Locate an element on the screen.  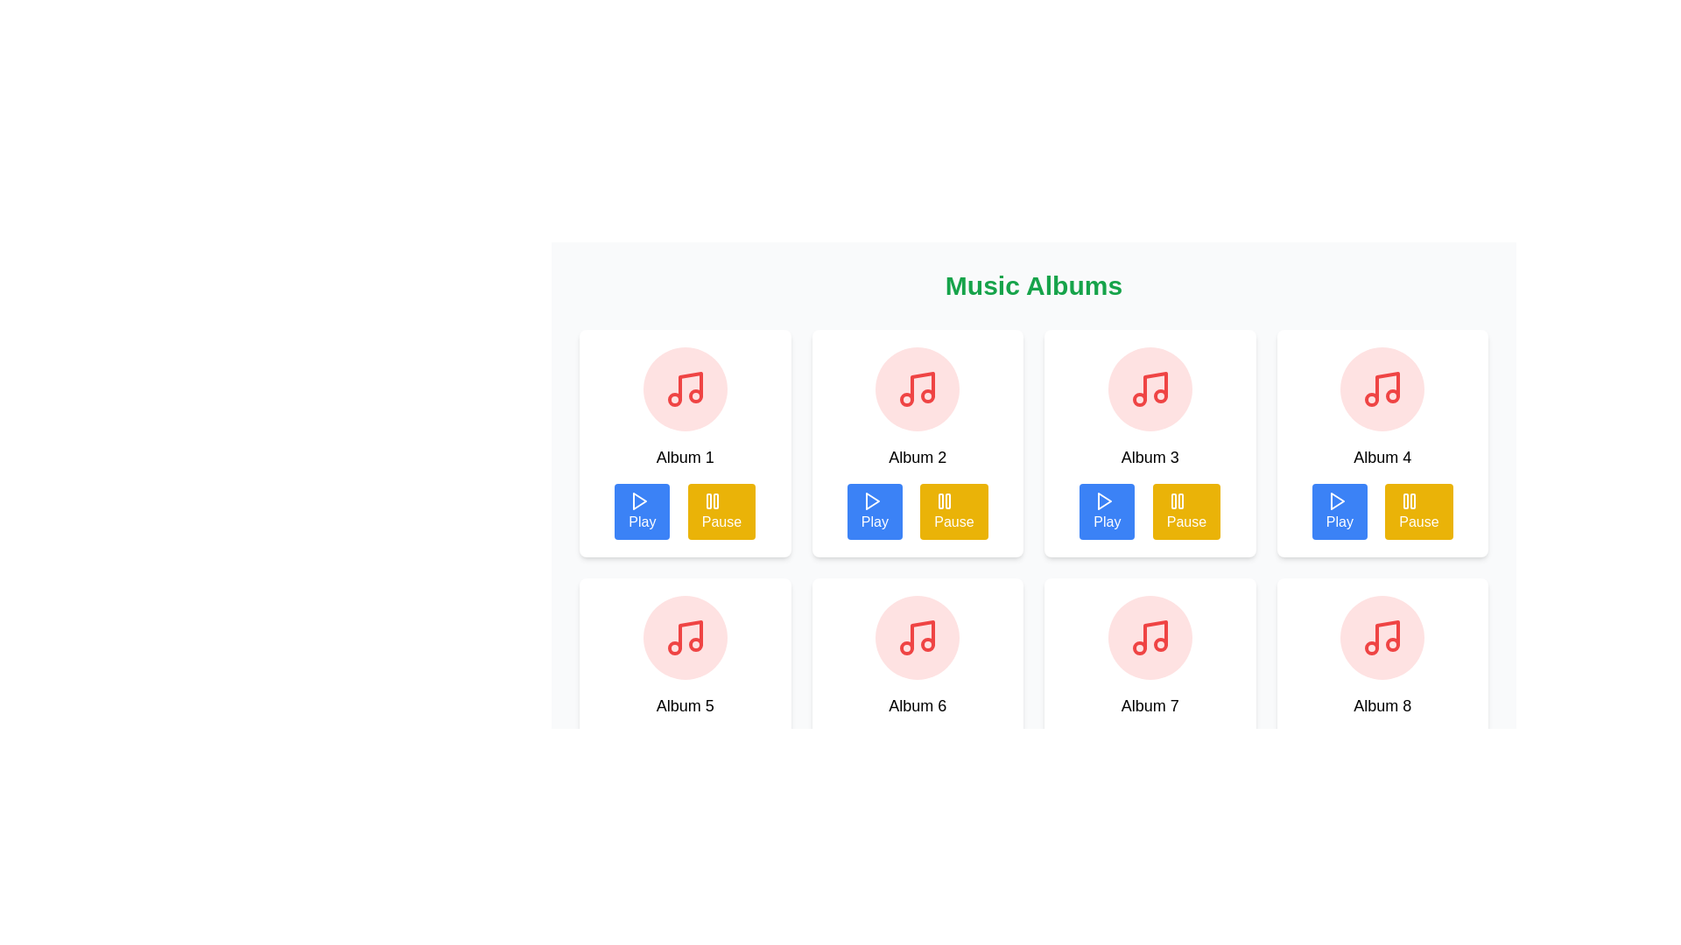
the textual label displaying 'Album 4' which is in bold font style and located in the fourth position of the album grid layout is located at coordinates (1382, 457).